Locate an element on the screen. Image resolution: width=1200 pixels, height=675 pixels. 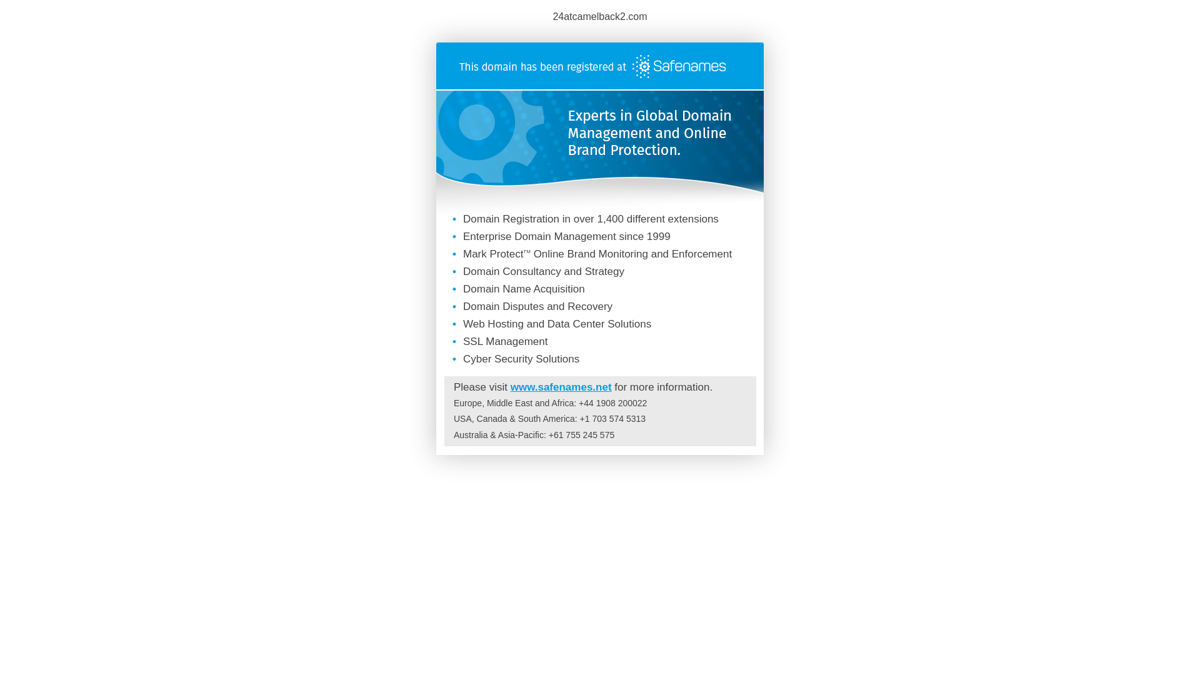
'www.safenames.net' is located at coordinates (560, 386).